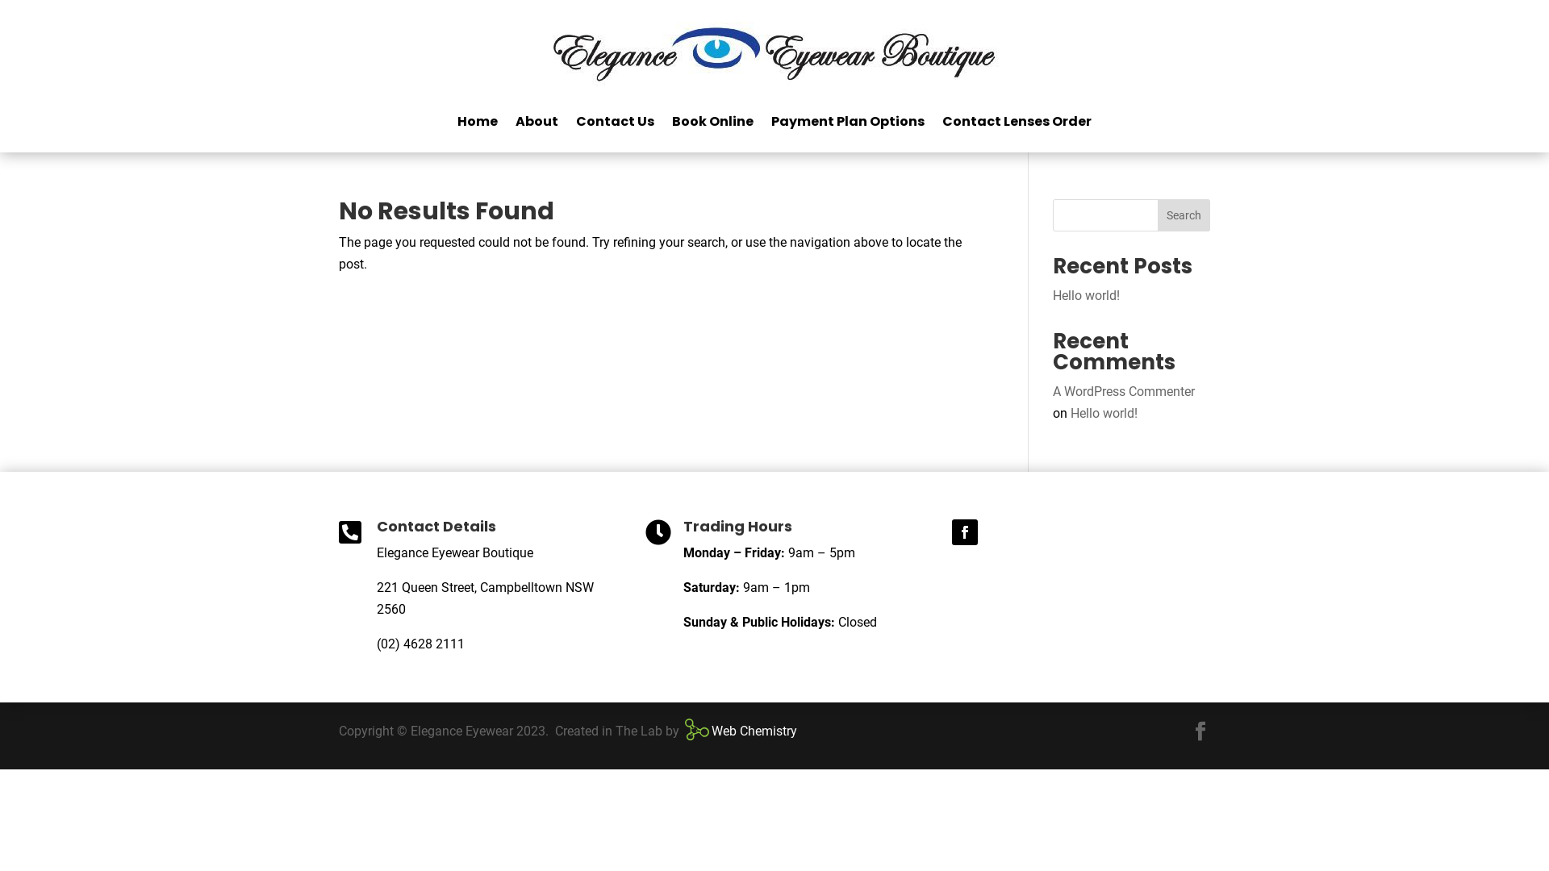 The image size is (1549, 871). I want to click on 'Book Online', so click(672, 120).